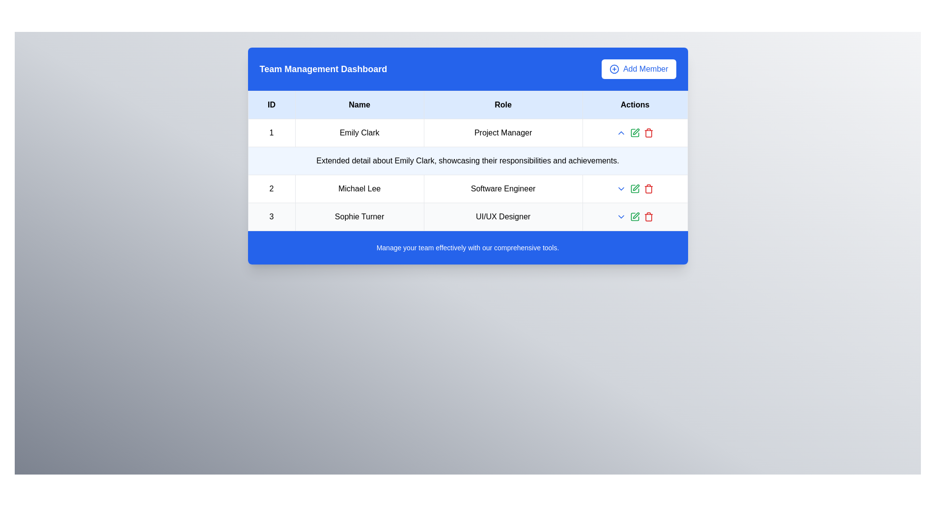 The height and width of the screenshot is (530, 943). Describe the element at coordinates (648, 189) in the screenshot. I see `the red trash bin icon in the 'Actions' column of the second row in the table to initiate a delete action` at that location.